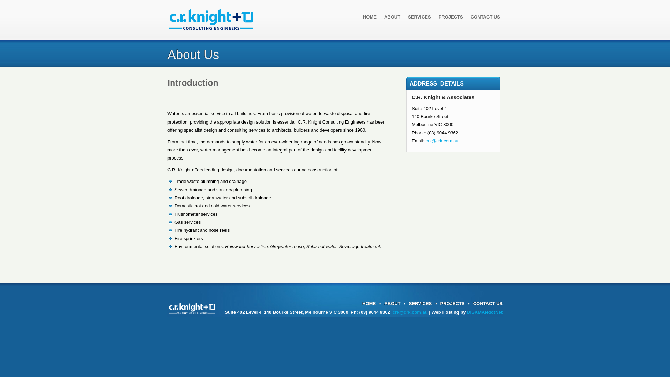 The width and height of the screenshot is (670, 377). I want to click on 'SERVICES', so click(420, 303).